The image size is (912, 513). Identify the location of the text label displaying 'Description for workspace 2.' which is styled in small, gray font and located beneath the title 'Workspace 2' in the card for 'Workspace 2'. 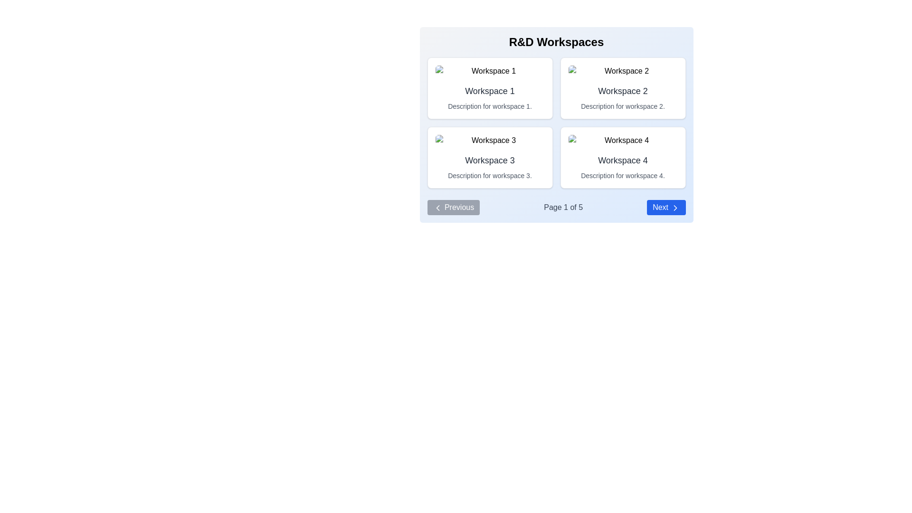
(623, 106).